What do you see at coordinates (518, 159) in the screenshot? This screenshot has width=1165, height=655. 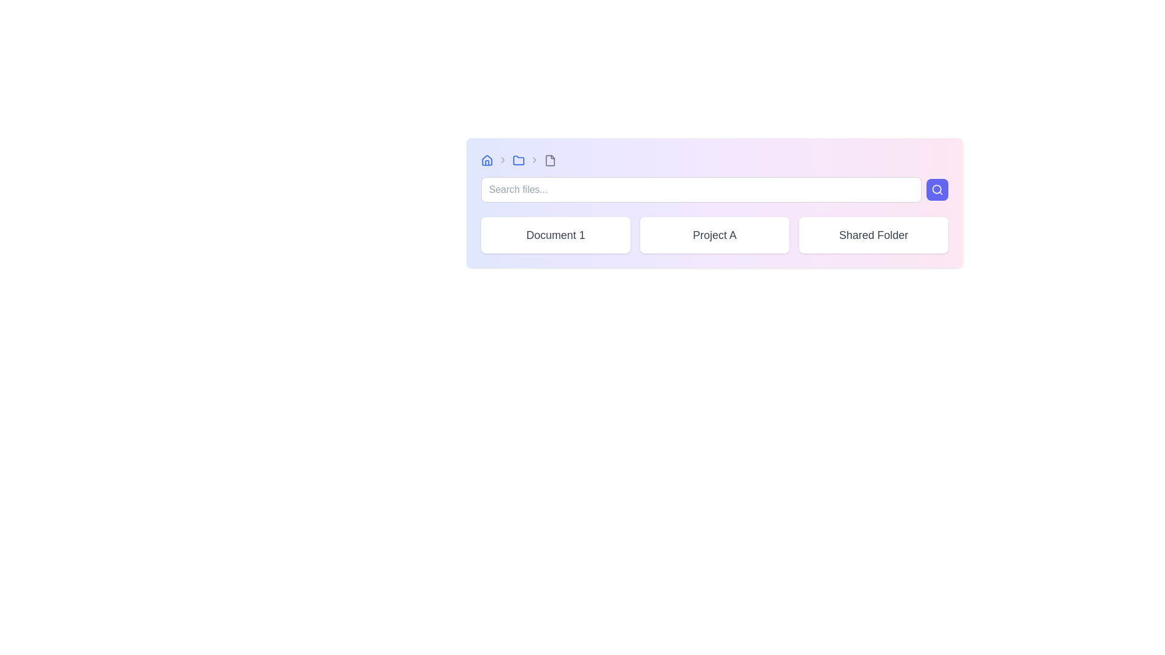 I see `the folder icon located at the top center of the interface, which is used for grouping or navigating to a file directory` at bounding box center [518, 159].